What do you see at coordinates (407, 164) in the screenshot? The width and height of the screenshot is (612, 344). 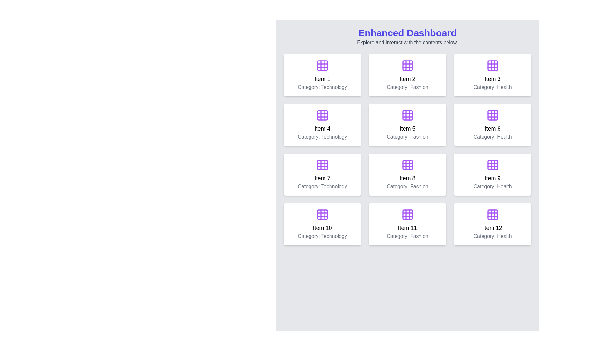 I see `the icon representing 'Item 8', which is positioned in cell 8 of a 4x3 grid layout` at bounding box center [407, 164].